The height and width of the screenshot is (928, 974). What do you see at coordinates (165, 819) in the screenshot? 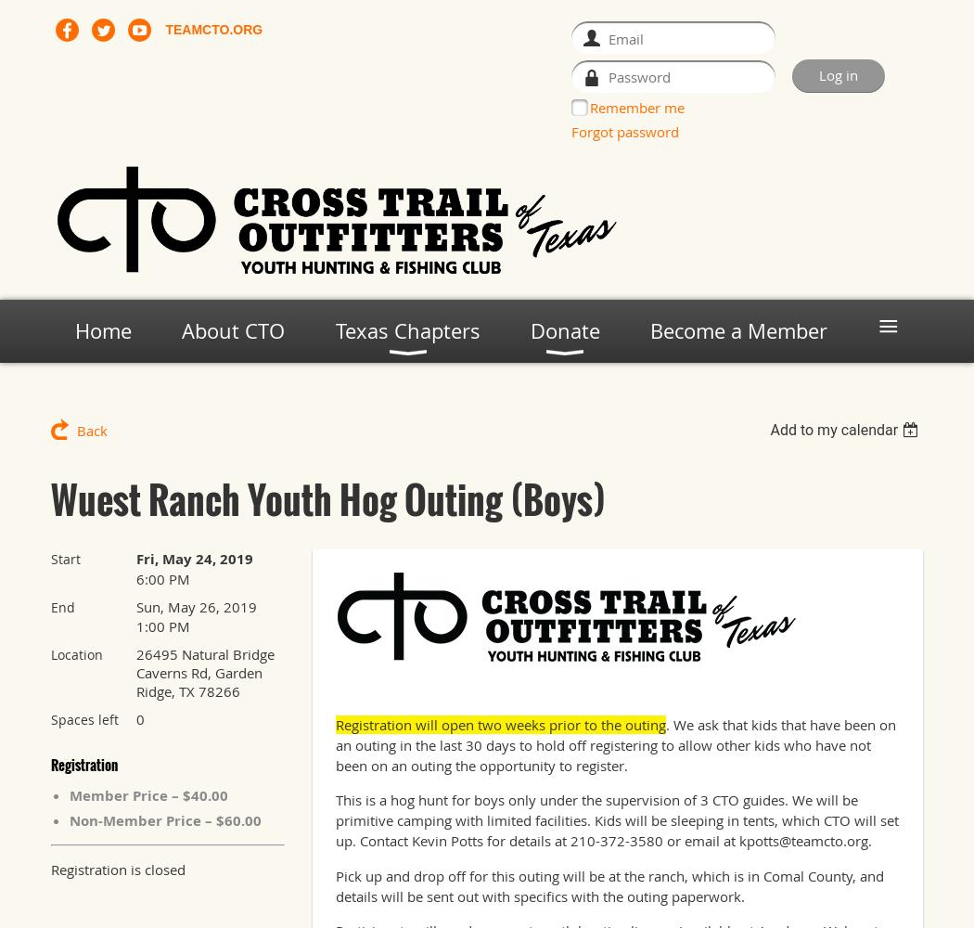
I see `'Non-Member Price – $60.00'` at bounding box center [165, 819].